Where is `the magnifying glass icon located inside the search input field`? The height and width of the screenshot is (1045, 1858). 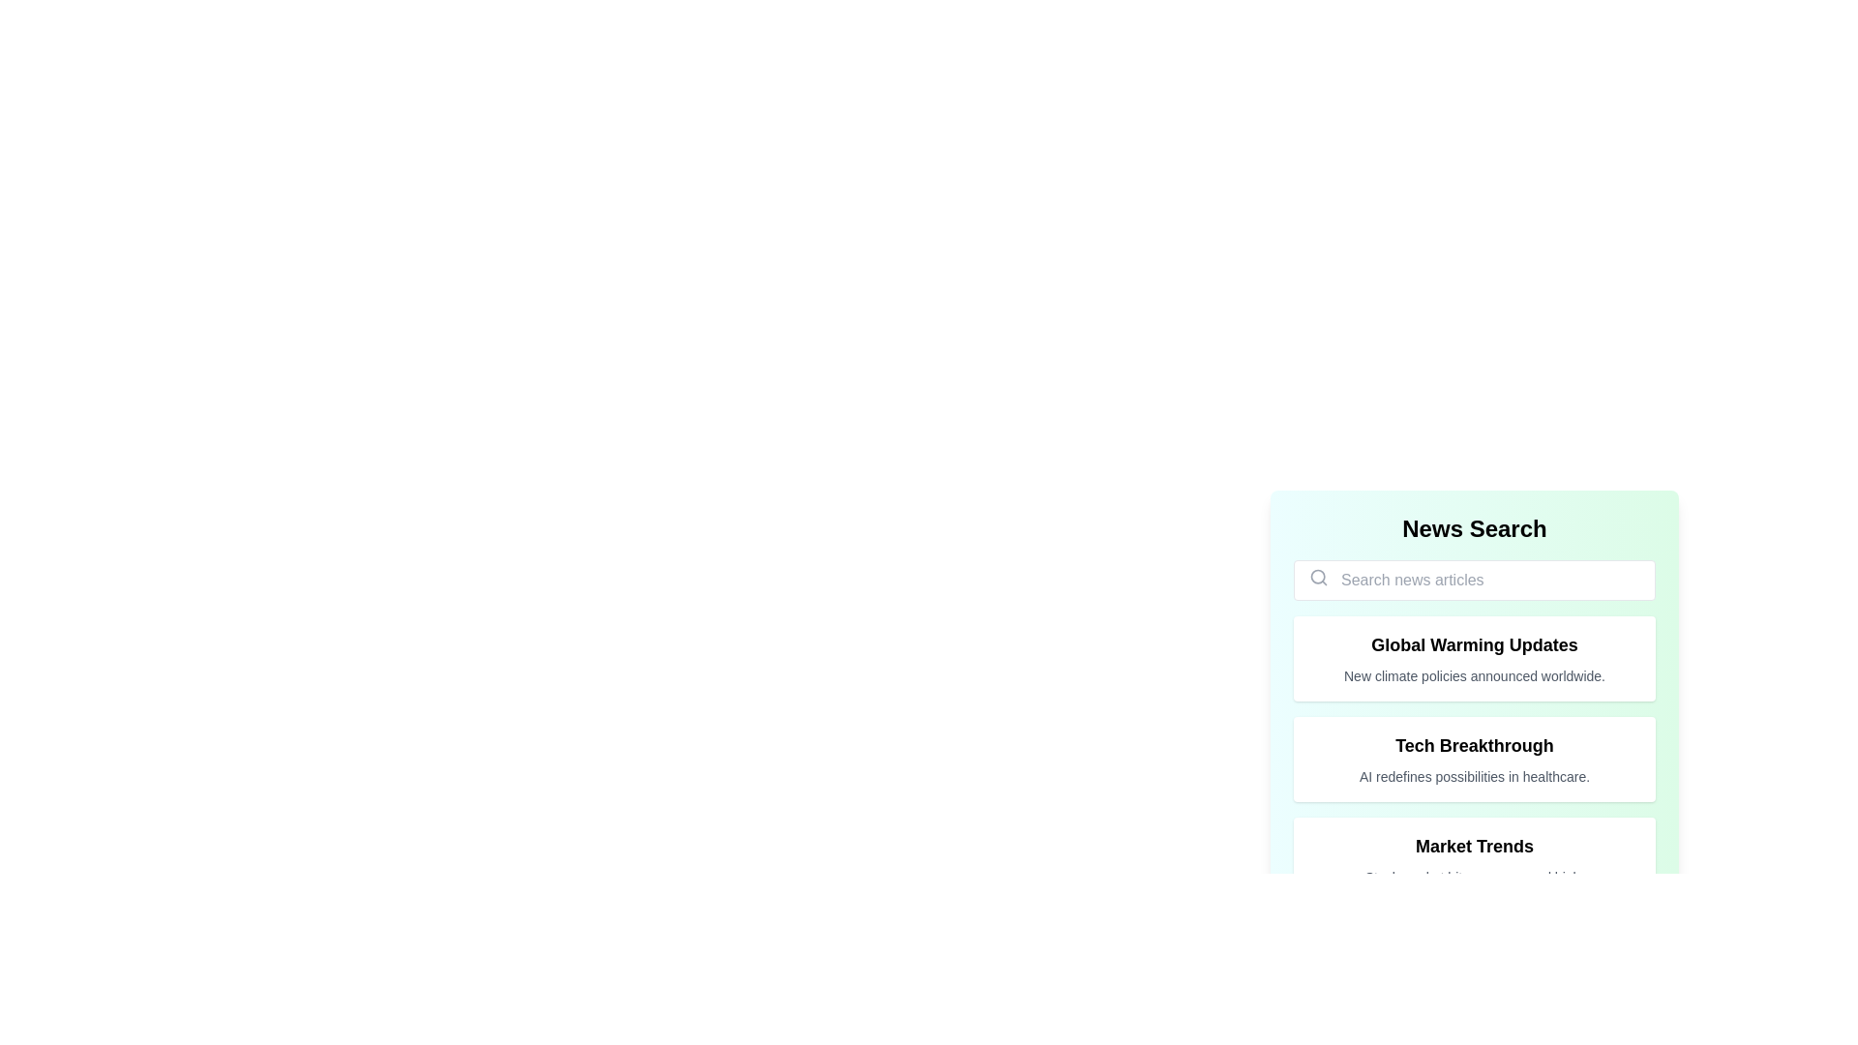
the magnifying glass icon located inside the search input field is located at coordinates (1318, 577).